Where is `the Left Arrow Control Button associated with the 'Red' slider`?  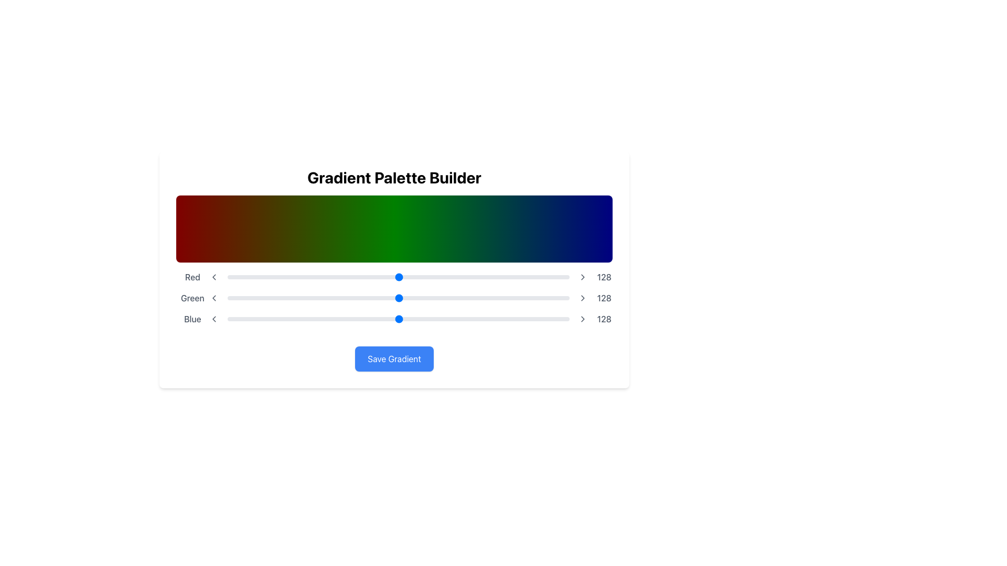 the Left Arrow Control Button associated with the 'Red' slider is located at coordinates (213, 276).